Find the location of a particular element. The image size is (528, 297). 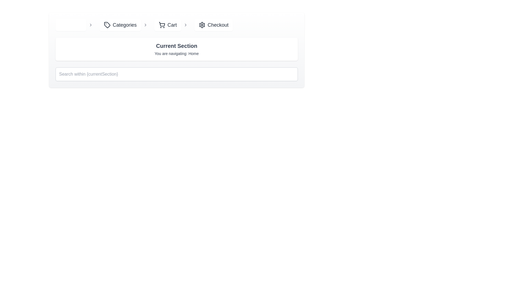

the tag-shaped icon located at the far-left side of the 'Categories' button, just before the word 'Categories' is located at coordinates (107, 25).